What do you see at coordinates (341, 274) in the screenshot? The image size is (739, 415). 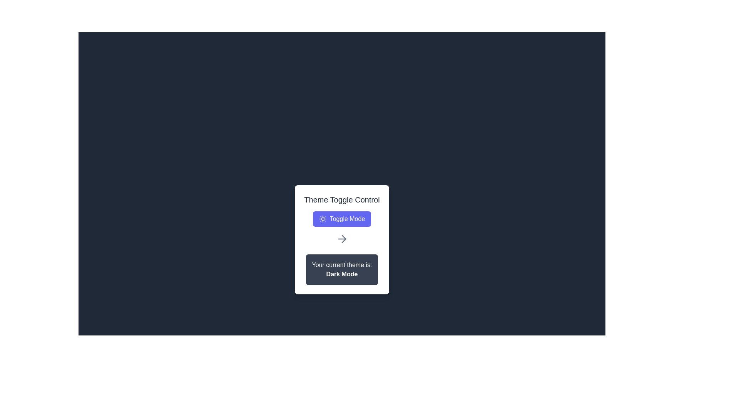 I see `the 'Dark Mode' text, which is styled with white font on a dark-gray background, positioned centrally below the text 'Your current theme is:'` at bounding box center [341, 274].